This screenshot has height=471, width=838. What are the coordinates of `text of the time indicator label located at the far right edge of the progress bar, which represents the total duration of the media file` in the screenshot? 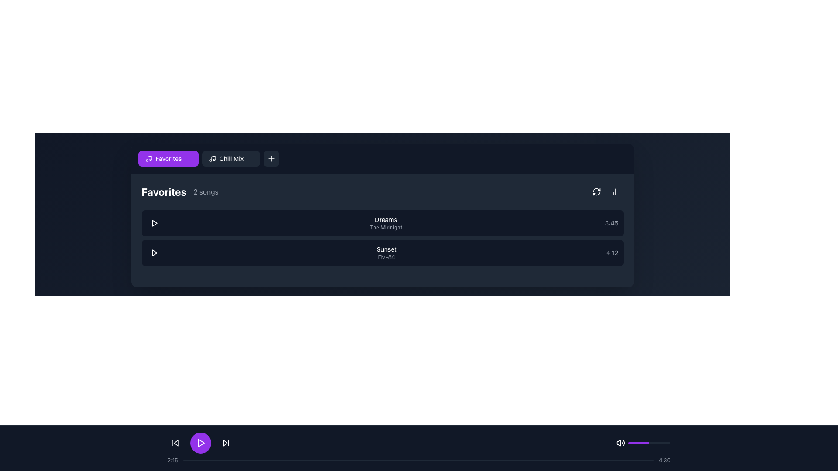 It's located at (664, 460).